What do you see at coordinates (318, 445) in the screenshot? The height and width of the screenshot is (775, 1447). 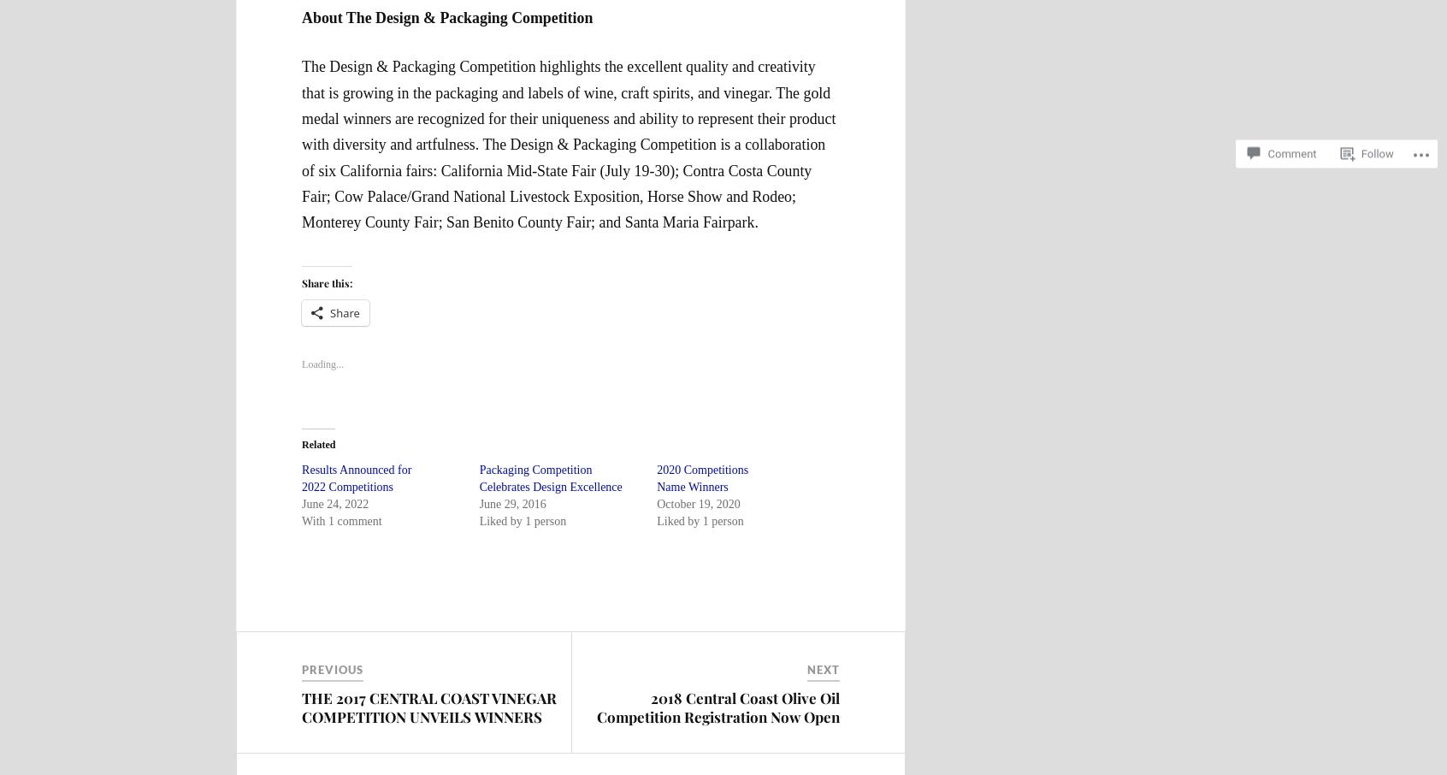 I see `'Related'` at bounding box center [318, 445].